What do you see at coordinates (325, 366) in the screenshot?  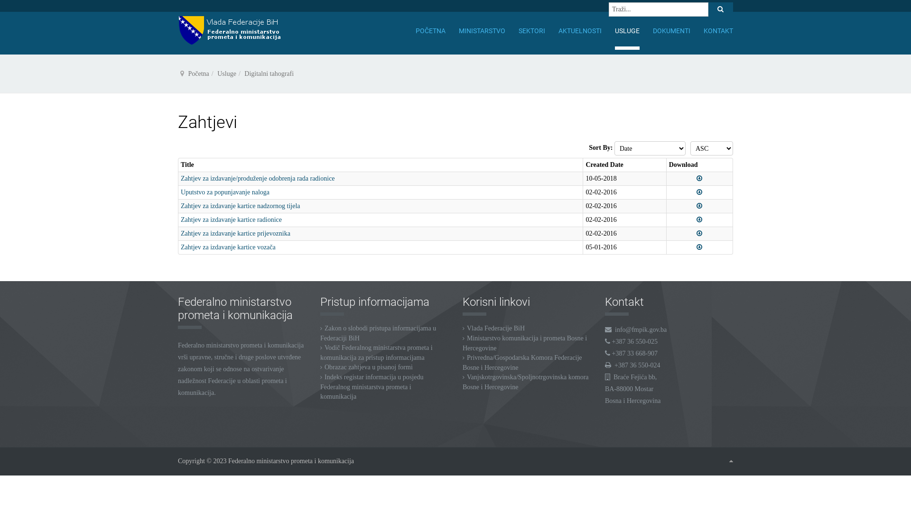 I see `'Obrazac zahtjeva u pisanoj formi'` at bounding box center [325, 366].